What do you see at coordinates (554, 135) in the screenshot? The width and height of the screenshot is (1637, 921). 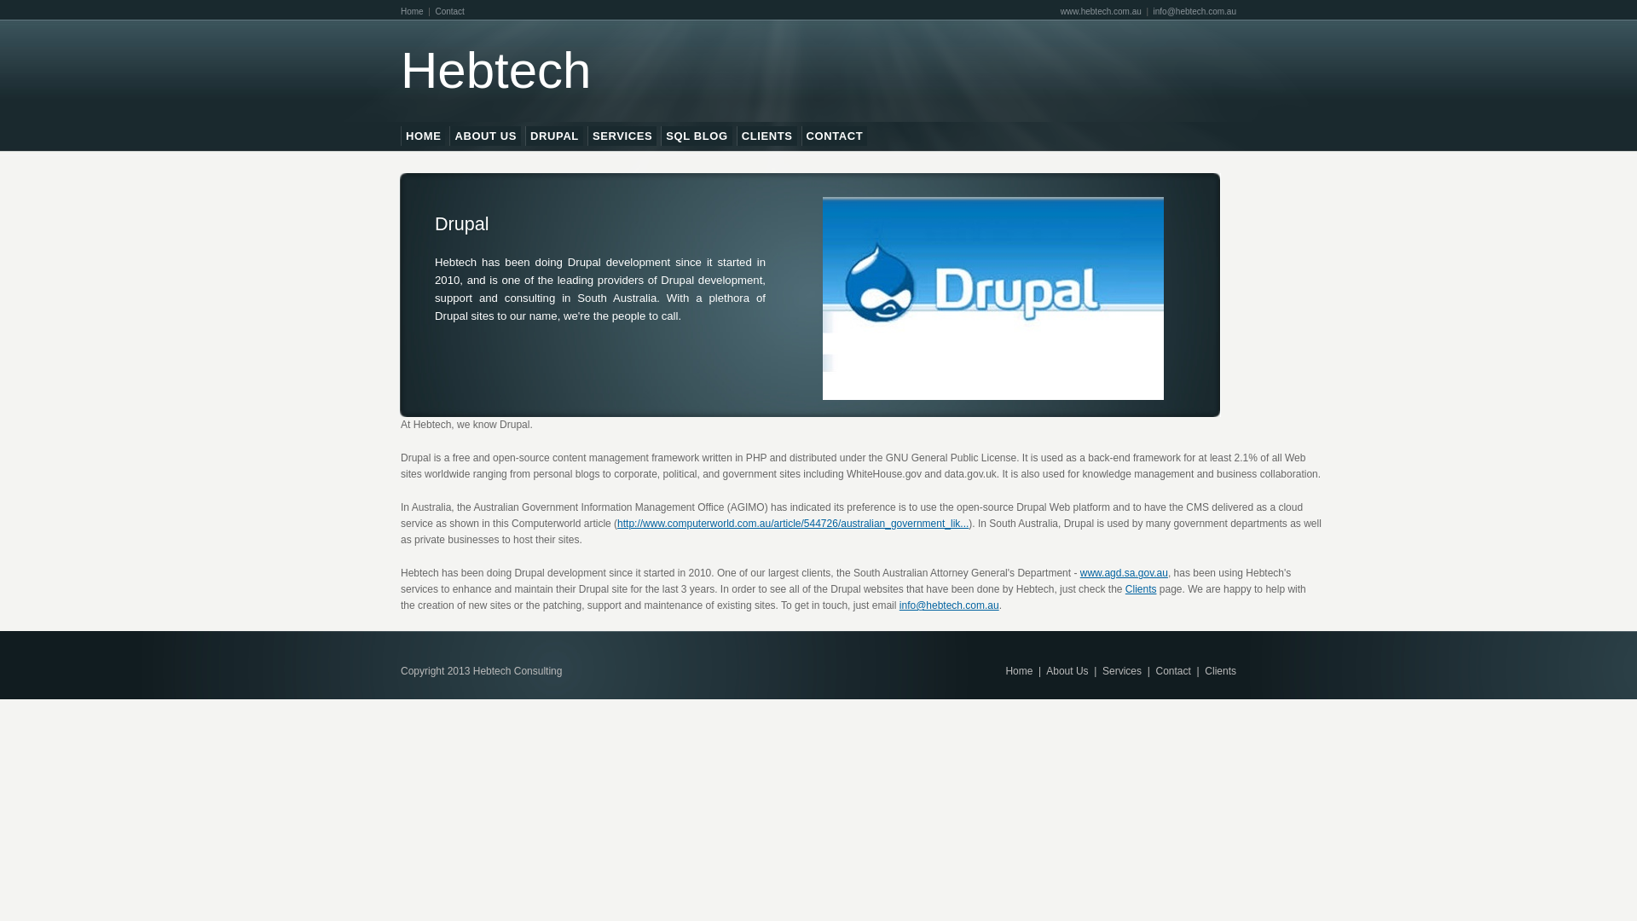 I see `'DRUPAL'` at bounding box center [554, 135].